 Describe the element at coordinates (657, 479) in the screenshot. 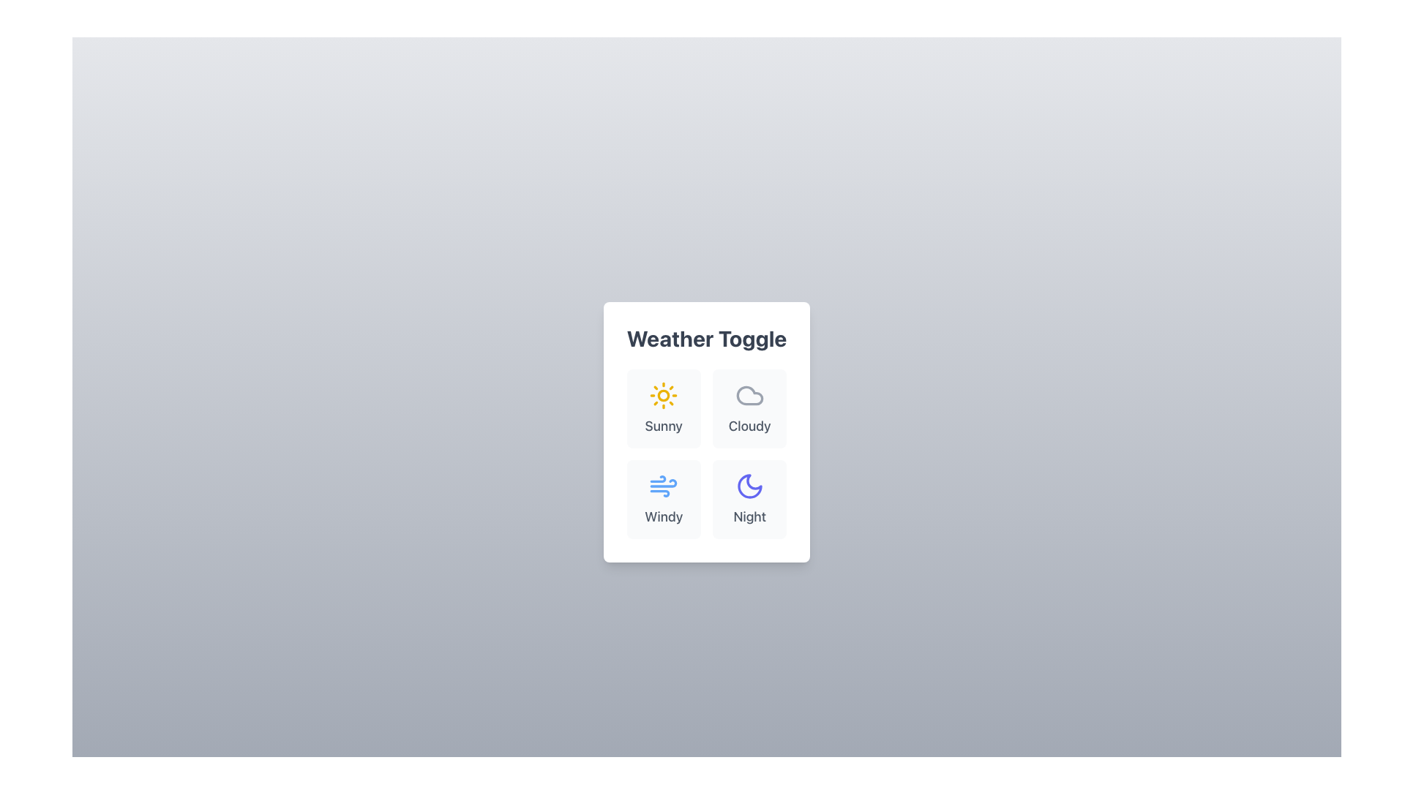

I see `the blue graphical icon representing wind, which consists of a curved line and dots` at that location.